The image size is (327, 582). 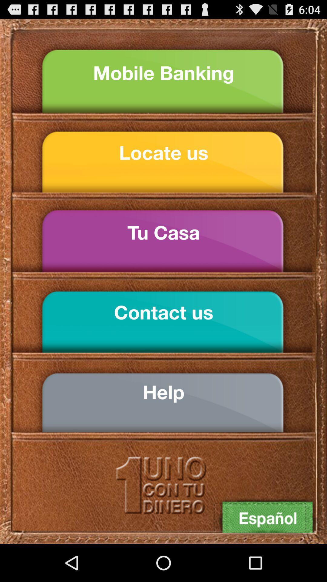 I want to click on tu casa item, so click(x=163, y=232).